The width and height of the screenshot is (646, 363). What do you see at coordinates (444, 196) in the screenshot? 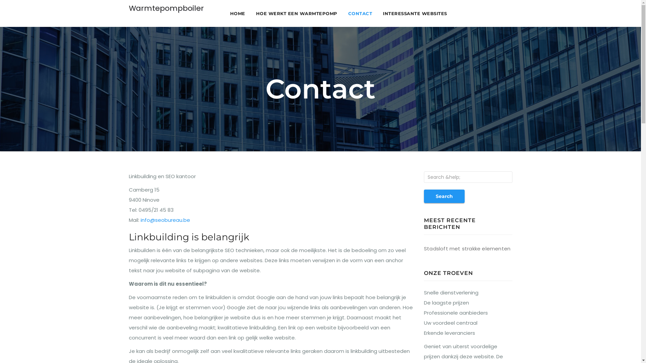
I see `'Search'` at bounding box center [444, 196].